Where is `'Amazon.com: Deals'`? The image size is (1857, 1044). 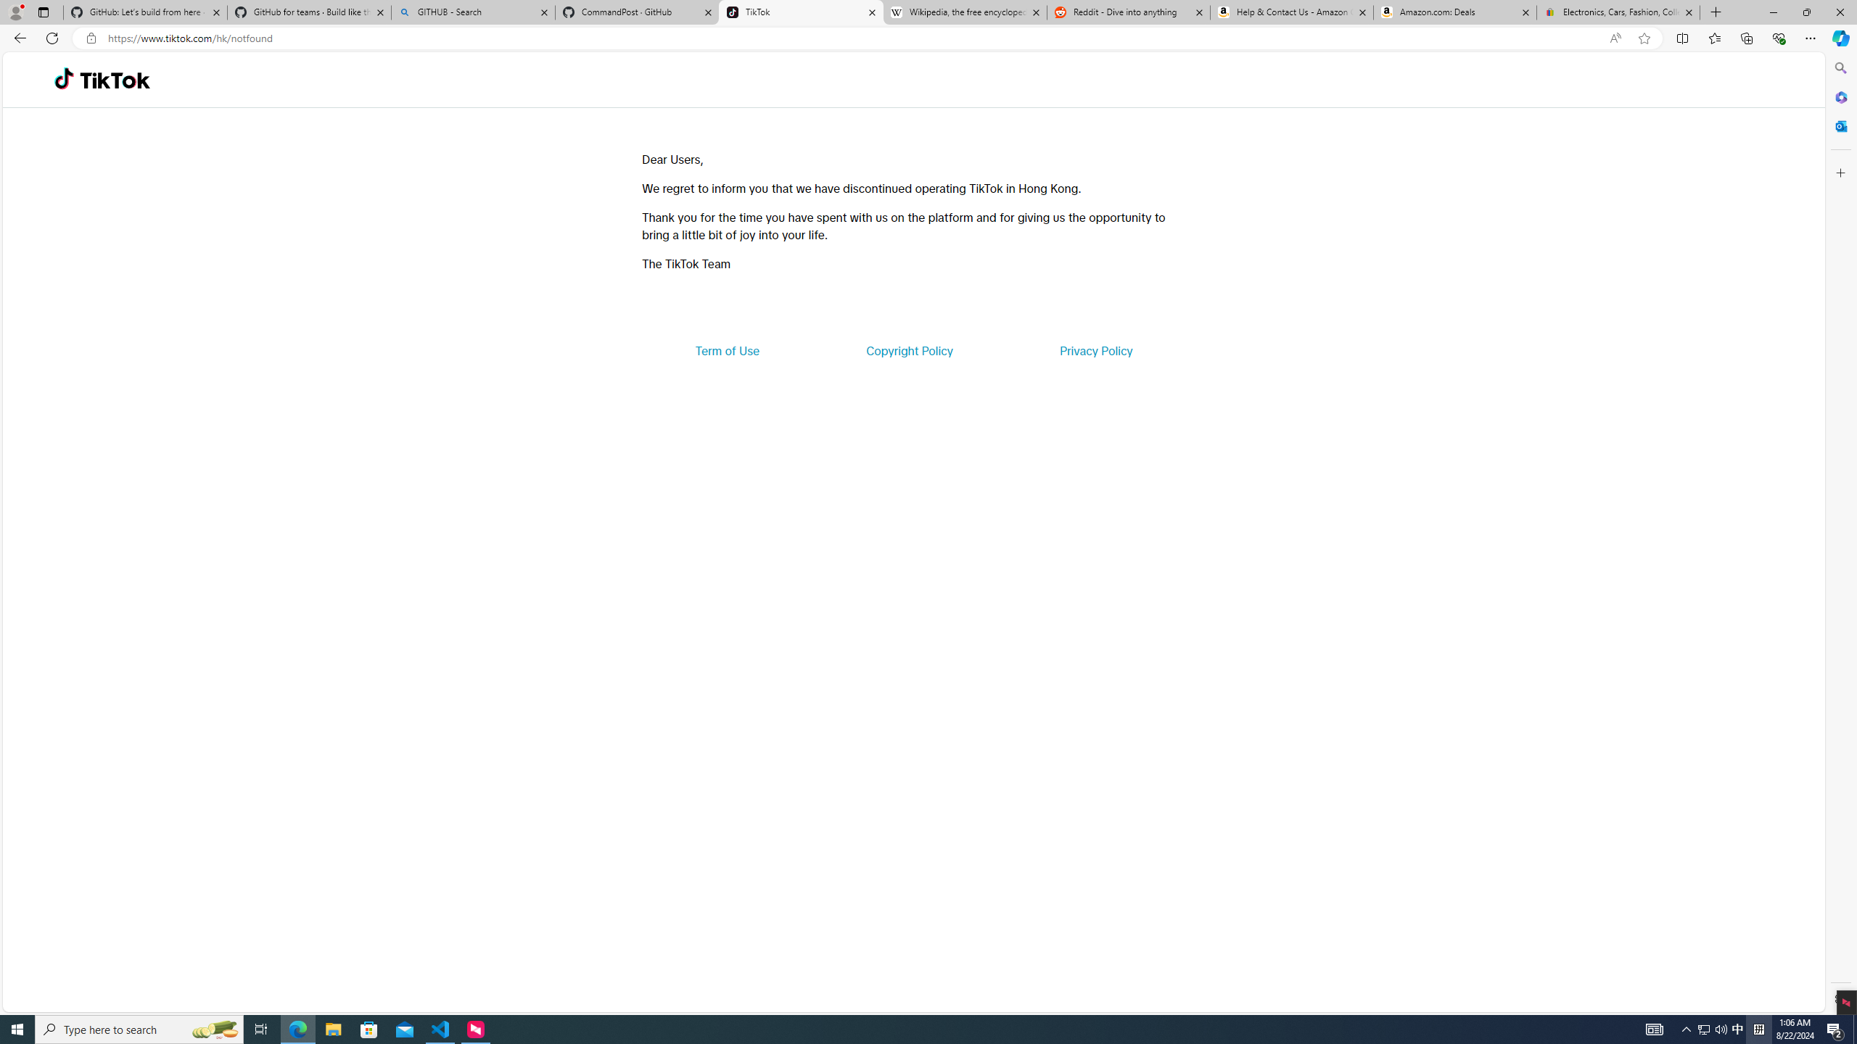 'Amazon.com: Deals' is located at coordinates (1454, 12).